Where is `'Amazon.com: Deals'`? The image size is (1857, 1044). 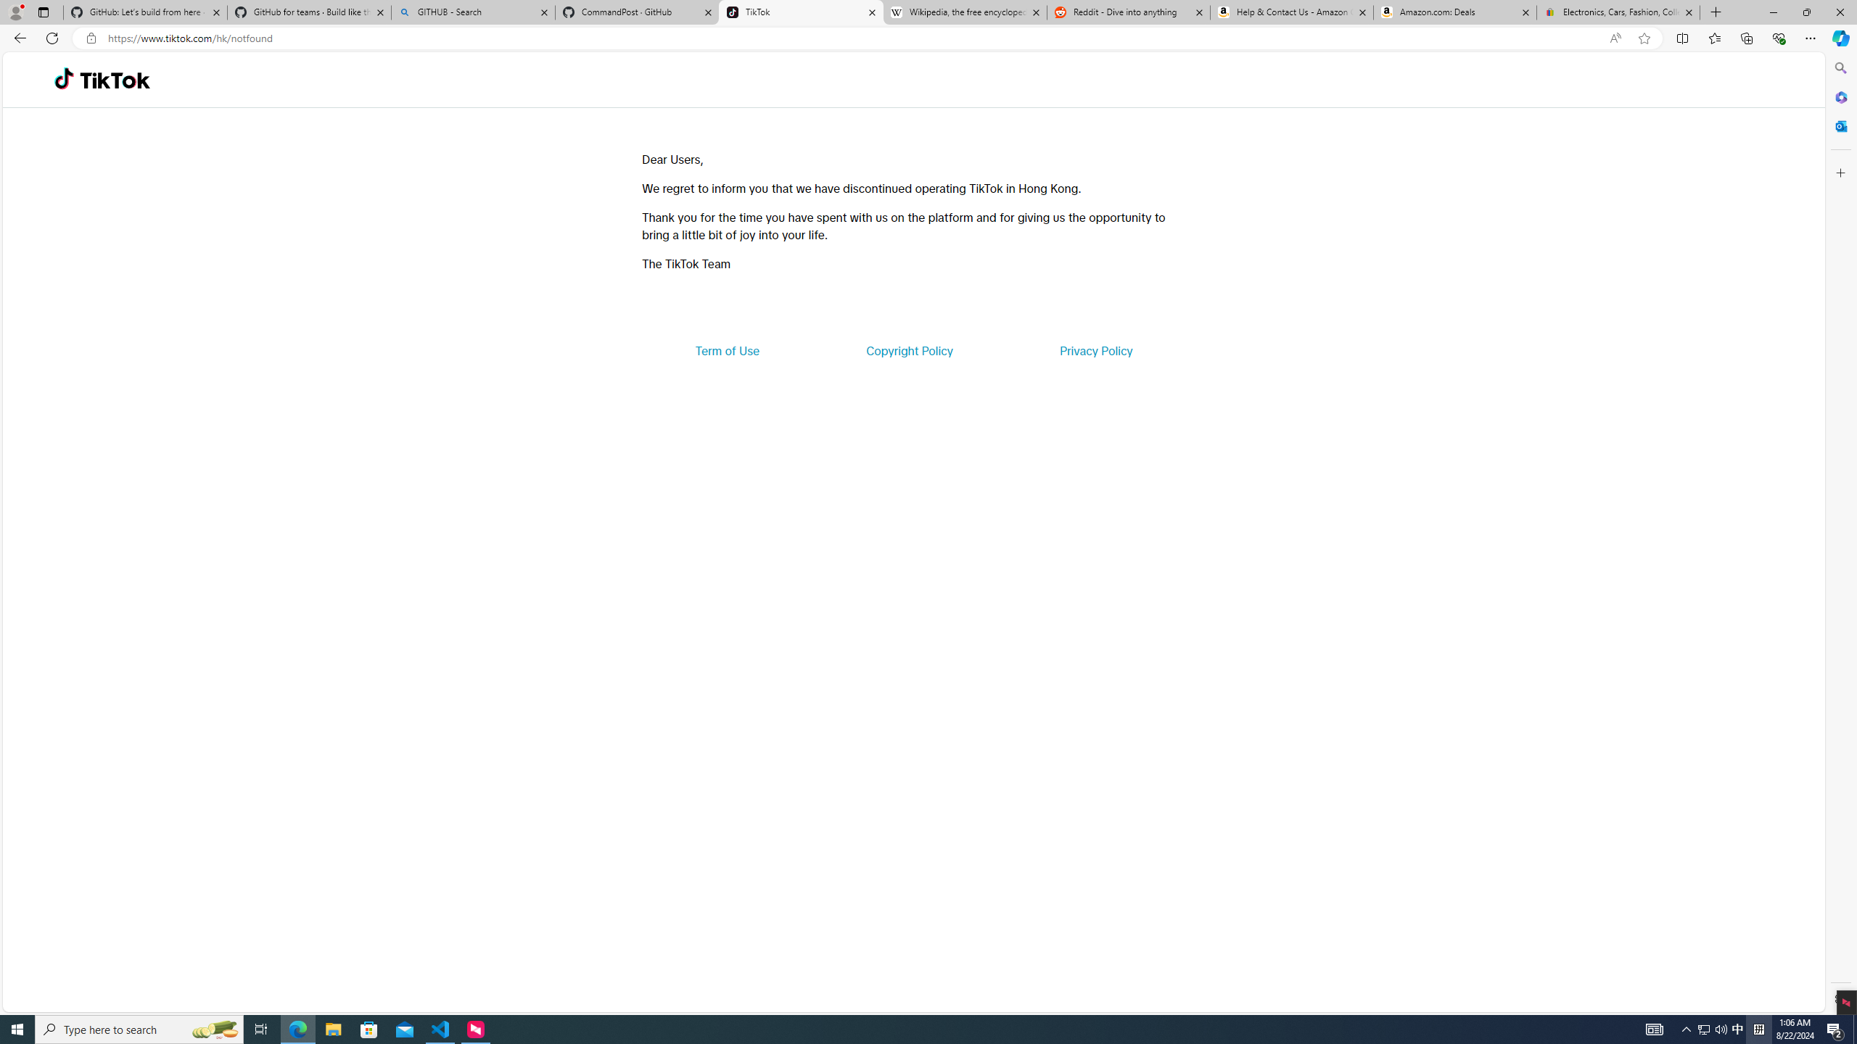 'Amazon.com: Deals' is located at coordinates (1454, 12).